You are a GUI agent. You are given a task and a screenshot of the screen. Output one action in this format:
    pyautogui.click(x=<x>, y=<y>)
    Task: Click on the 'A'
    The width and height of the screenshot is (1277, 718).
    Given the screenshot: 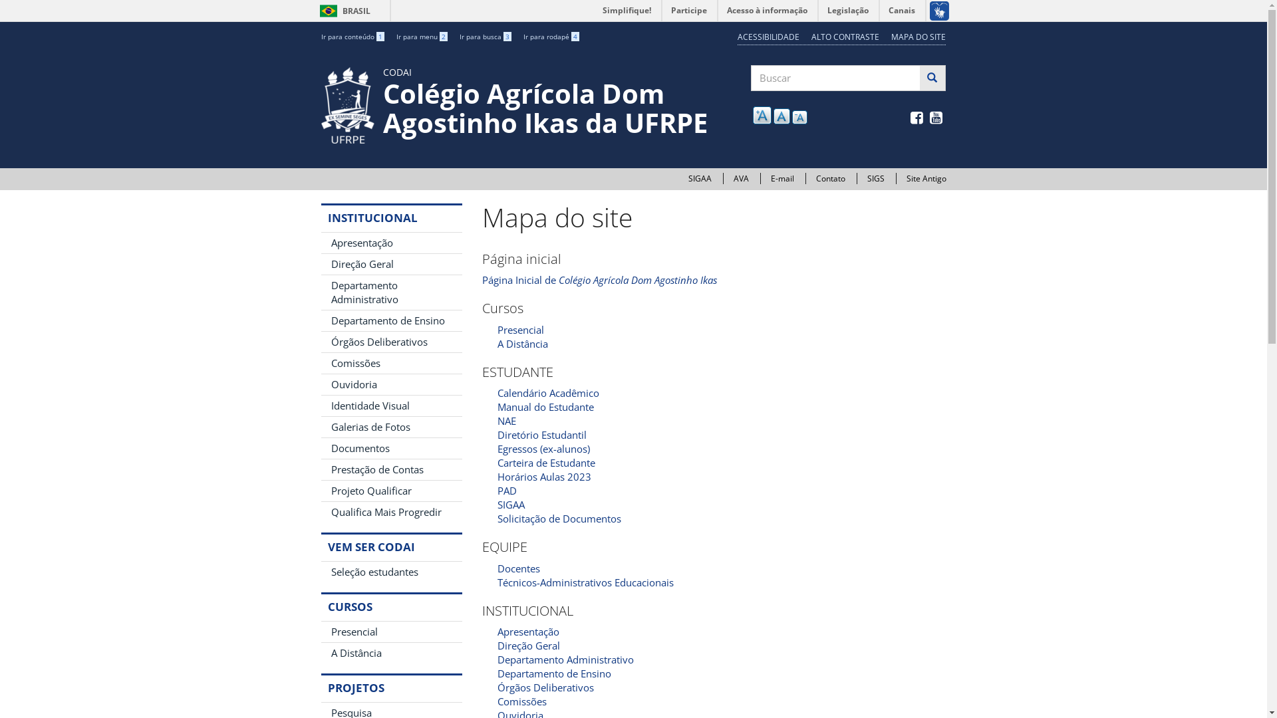 What is the action you would take?
    pyautogui.click(x=781, y=115)
    